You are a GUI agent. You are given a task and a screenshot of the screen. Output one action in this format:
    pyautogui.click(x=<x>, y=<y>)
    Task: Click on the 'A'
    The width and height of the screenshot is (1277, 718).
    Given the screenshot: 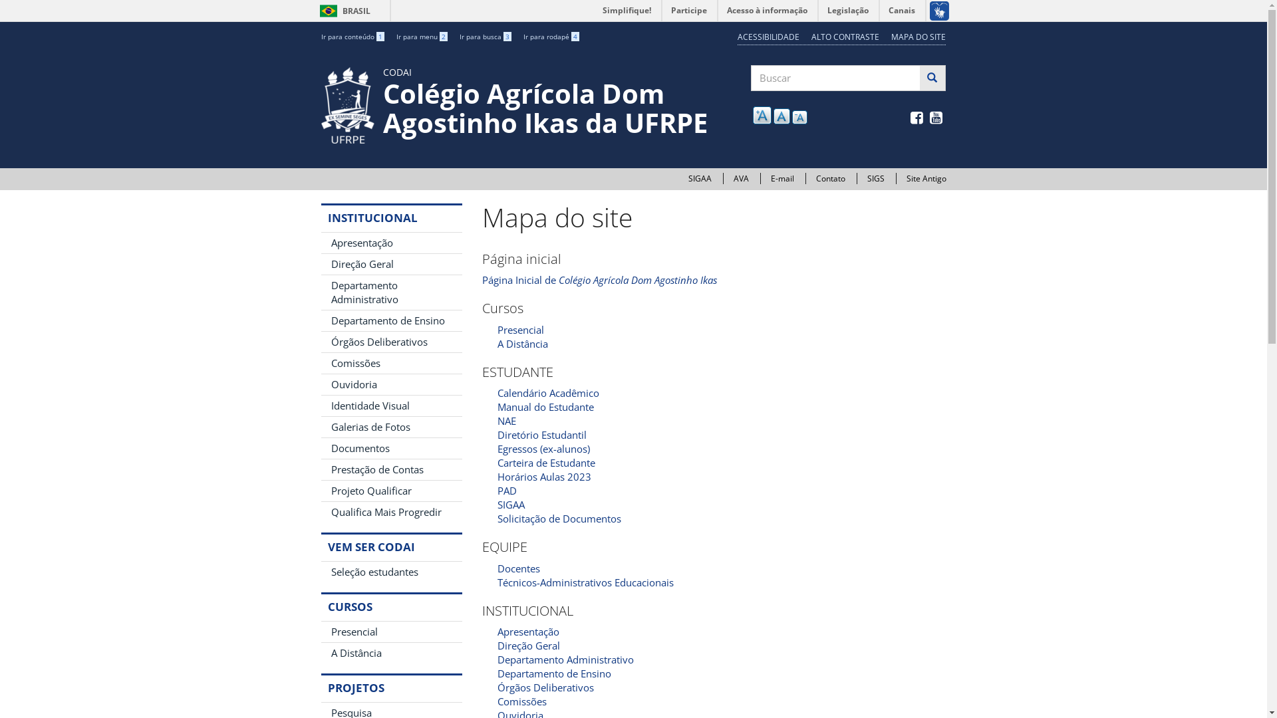 What is the action you would take?
    pyautogui.click(x=781, y=115)
    